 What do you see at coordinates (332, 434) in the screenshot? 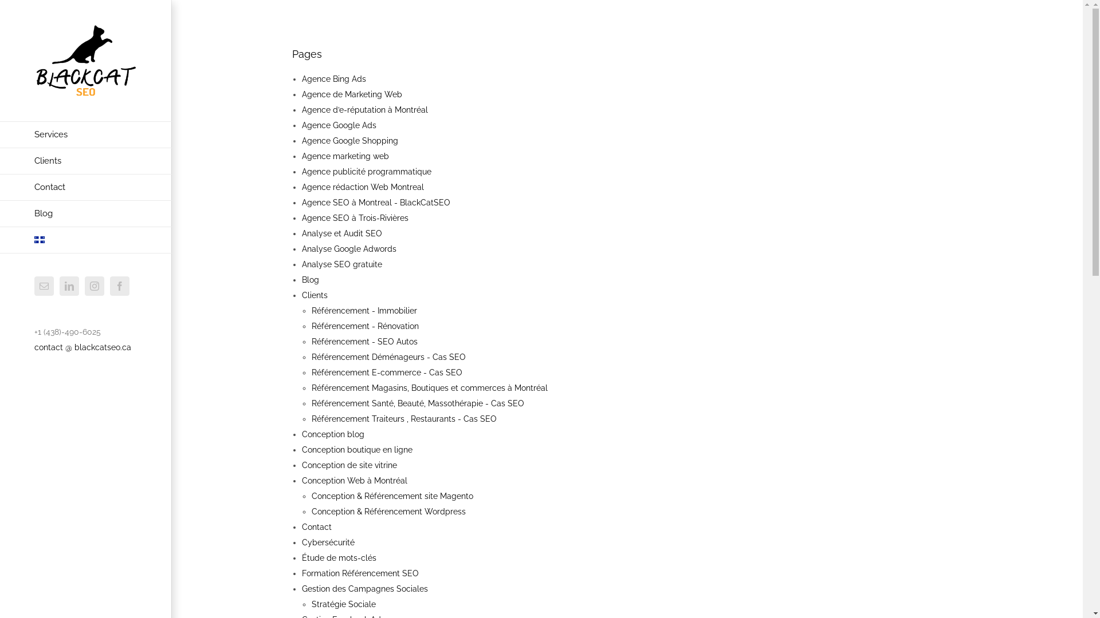
I see `'Conception blog'` at bounding box center [332, 434].